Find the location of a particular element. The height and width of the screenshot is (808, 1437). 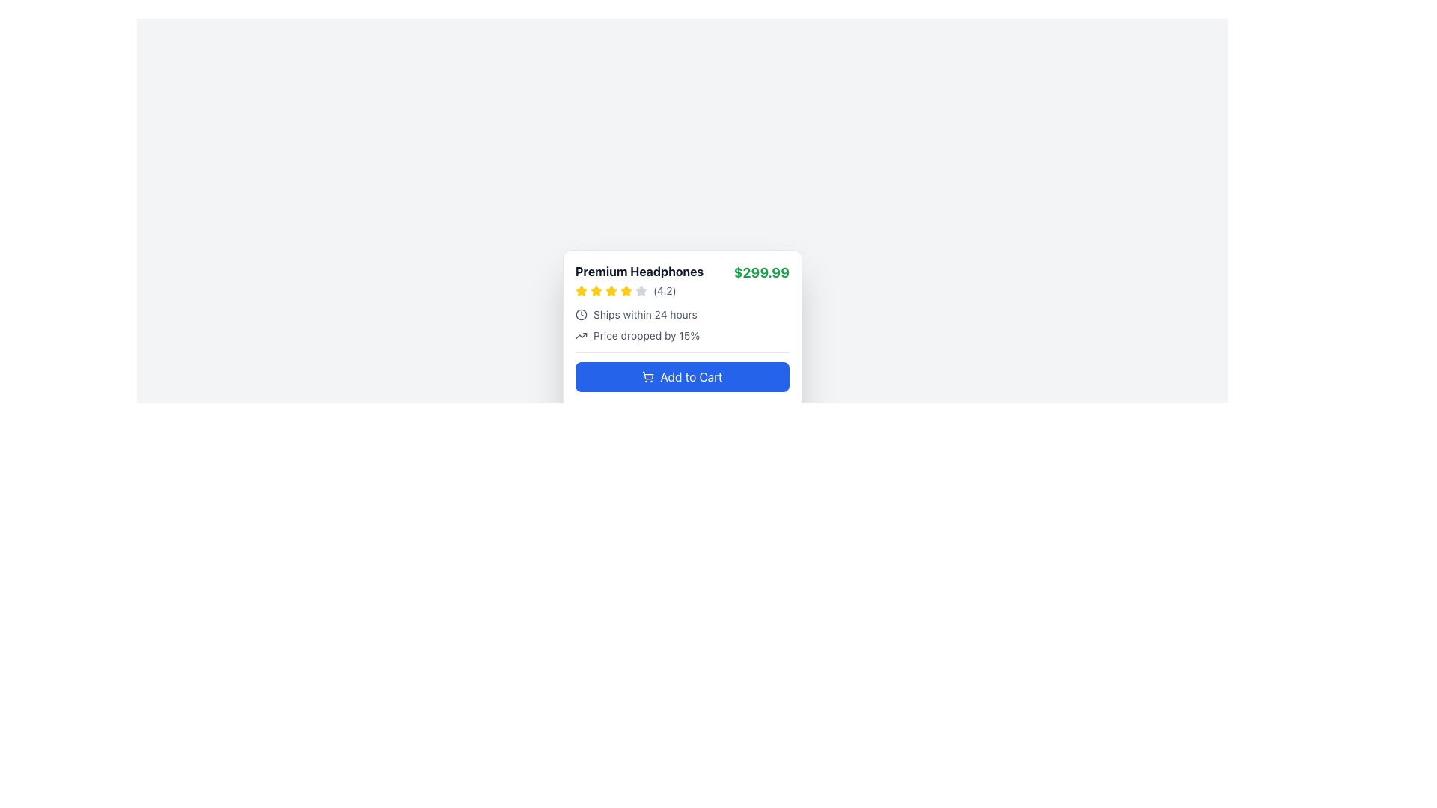

textual label indicating the price reduction for the 'Premium Headphones', located to the right of the small line chart icon in the product details card is located at coordinates (647, 334).